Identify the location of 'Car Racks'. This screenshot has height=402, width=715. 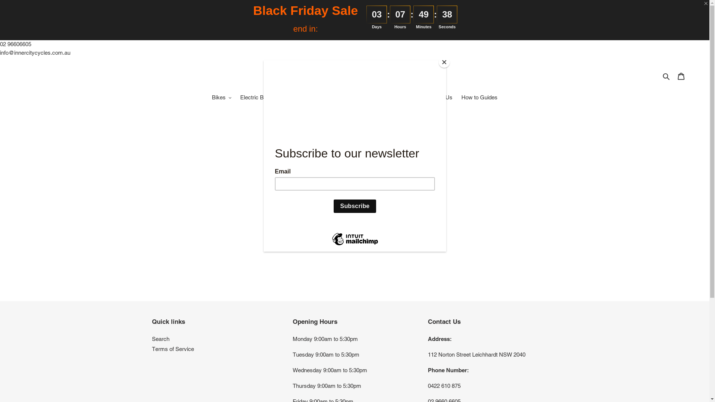
(295, 97).